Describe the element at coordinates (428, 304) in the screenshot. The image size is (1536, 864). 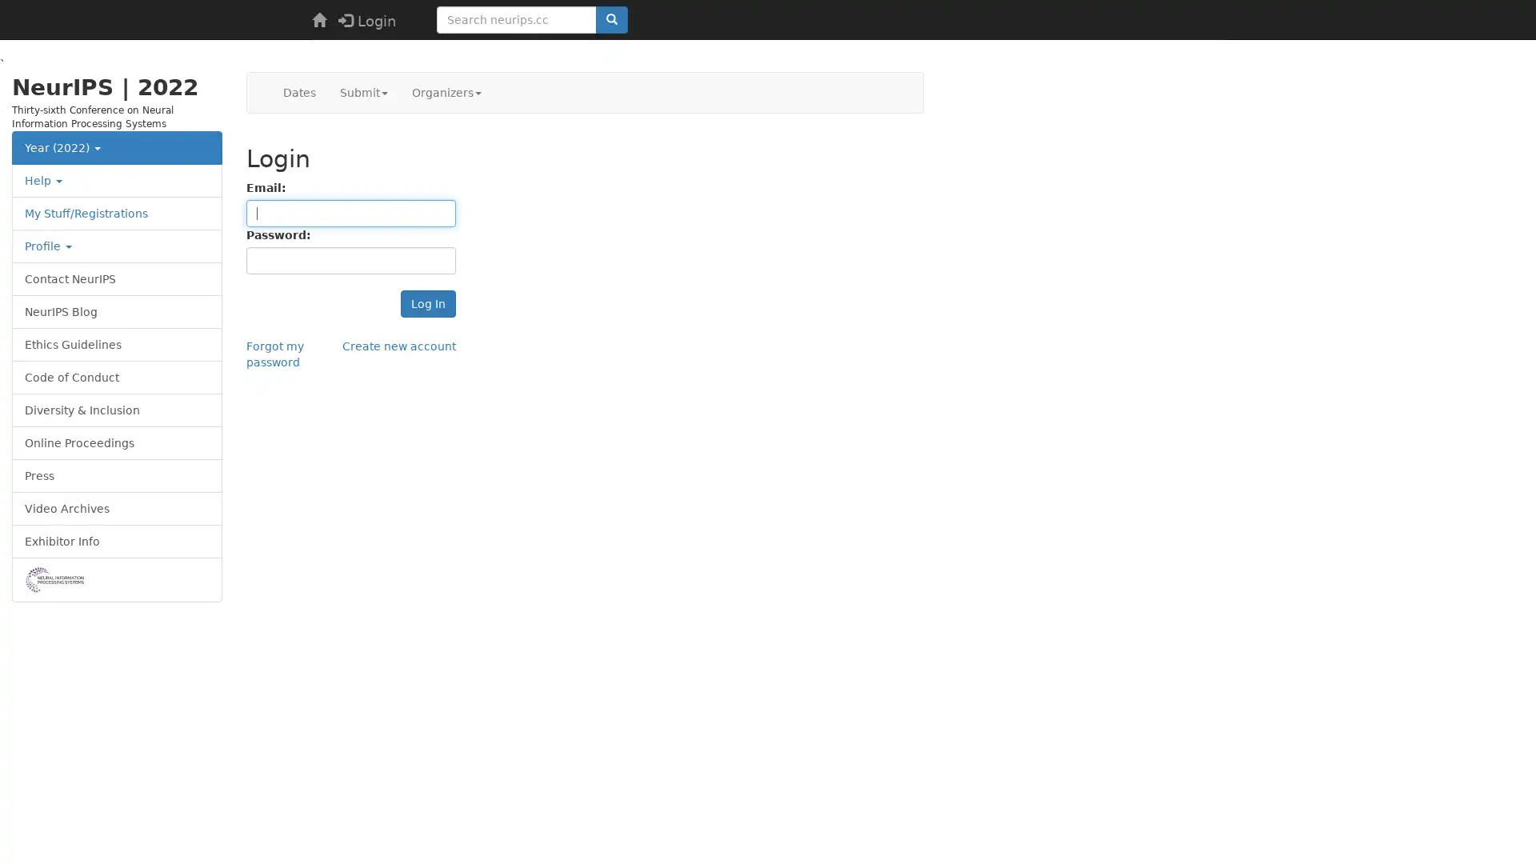
I see `Log In` at that location.